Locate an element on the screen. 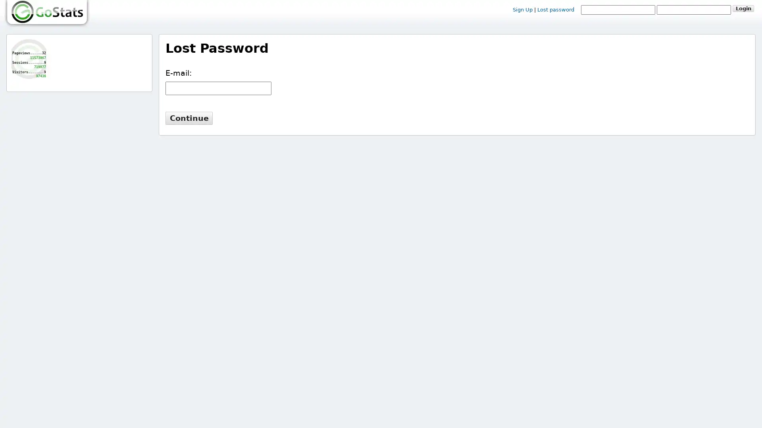  Login is located at coordinates (743, 8).